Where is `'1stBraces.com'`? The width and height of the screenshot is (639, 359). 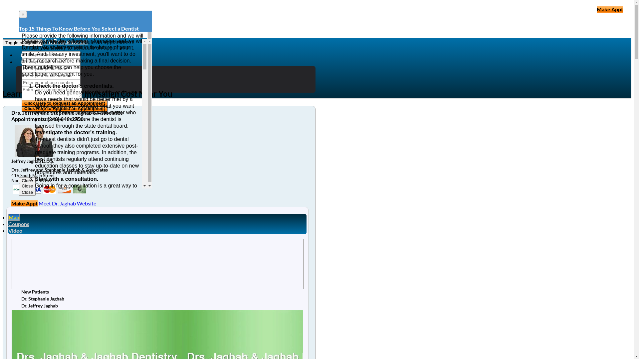 '1stBraces.com' is located at coordinates (66, 41).